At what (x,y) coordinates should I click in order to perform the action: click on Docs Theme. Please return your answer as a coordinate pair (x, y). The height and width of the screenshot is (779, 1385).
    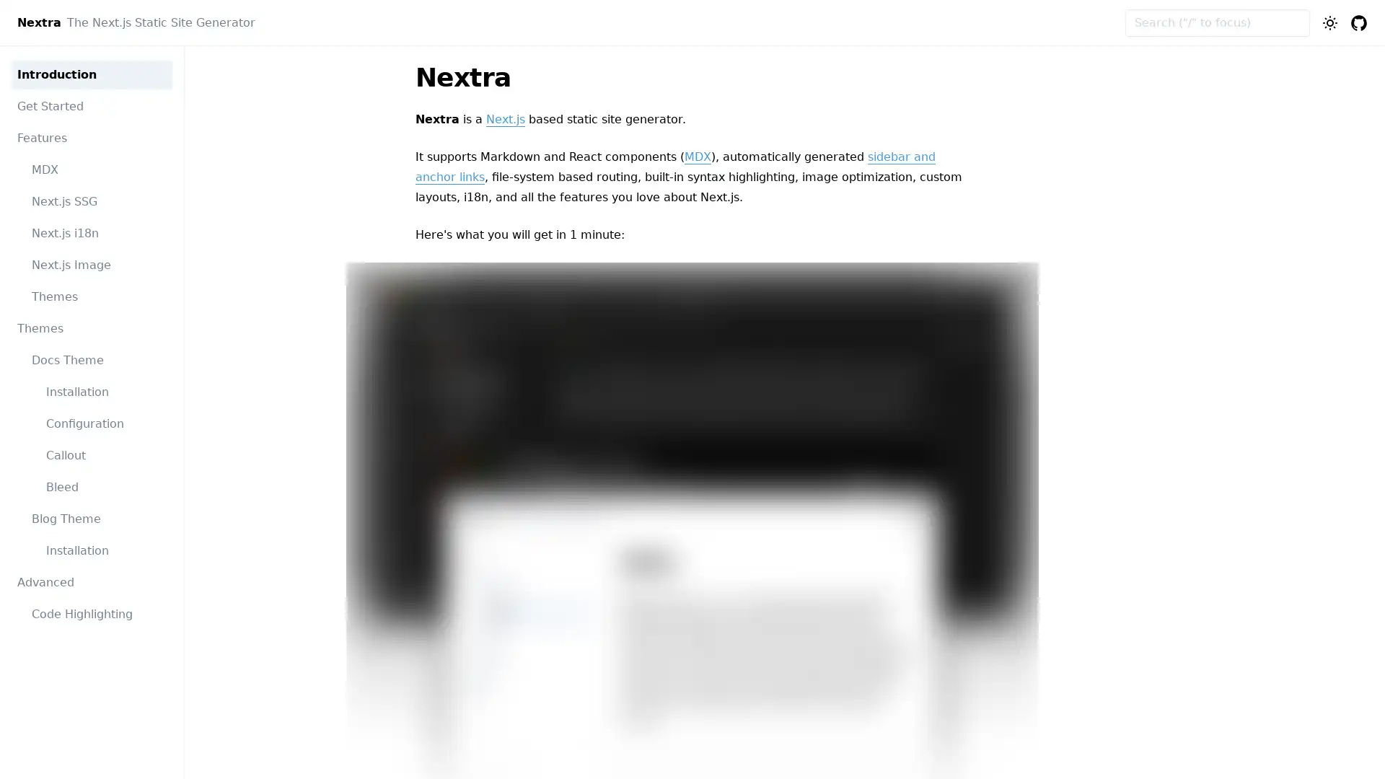
    Looking at the image, I should click on (98, 360).